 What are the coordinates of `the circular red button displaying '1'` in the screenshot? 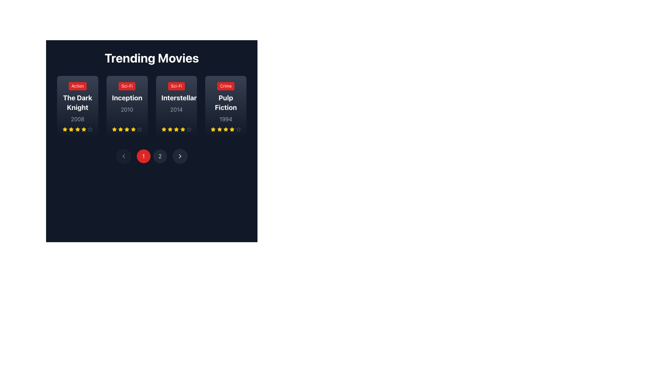 It's located at (151, 156).